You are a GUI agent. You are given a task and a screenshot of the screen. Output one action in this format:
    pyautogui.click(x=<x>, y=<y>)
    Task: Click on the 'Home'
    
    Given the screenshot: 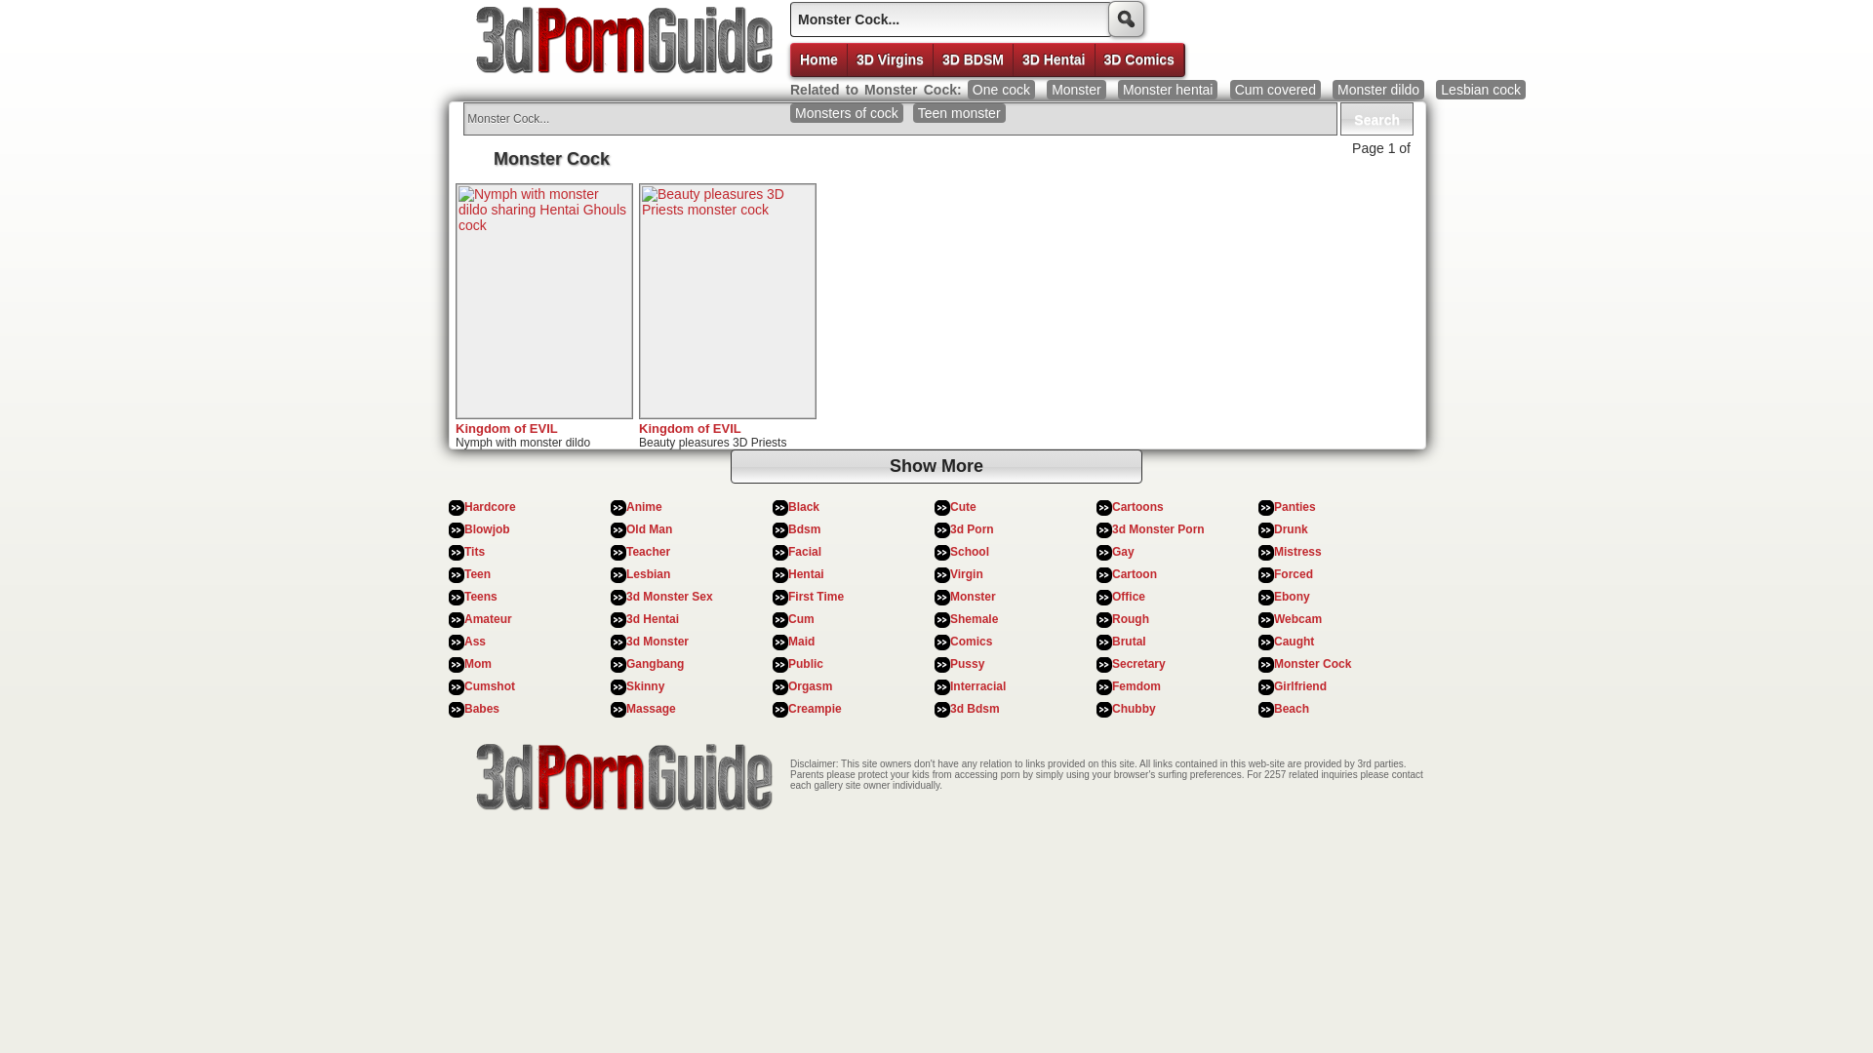 What is the action you would take?
    pyautogui.click(x=791, y=58)
    